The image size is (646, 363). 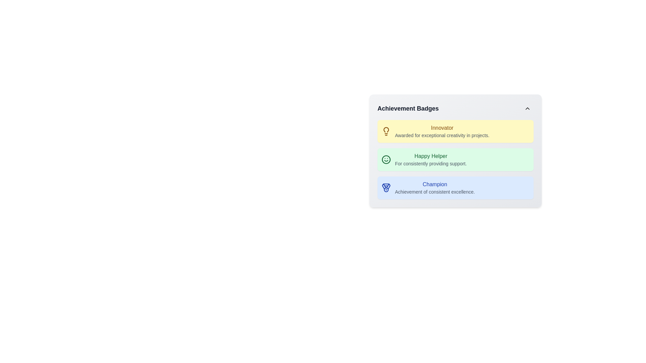 What do you see at coordinates (527, 108) in the screenshot?
I see `the upward-pointing chevron icon located in the top-right corner of the 'Achievement Badges' module` at bounding box center [527, 108].